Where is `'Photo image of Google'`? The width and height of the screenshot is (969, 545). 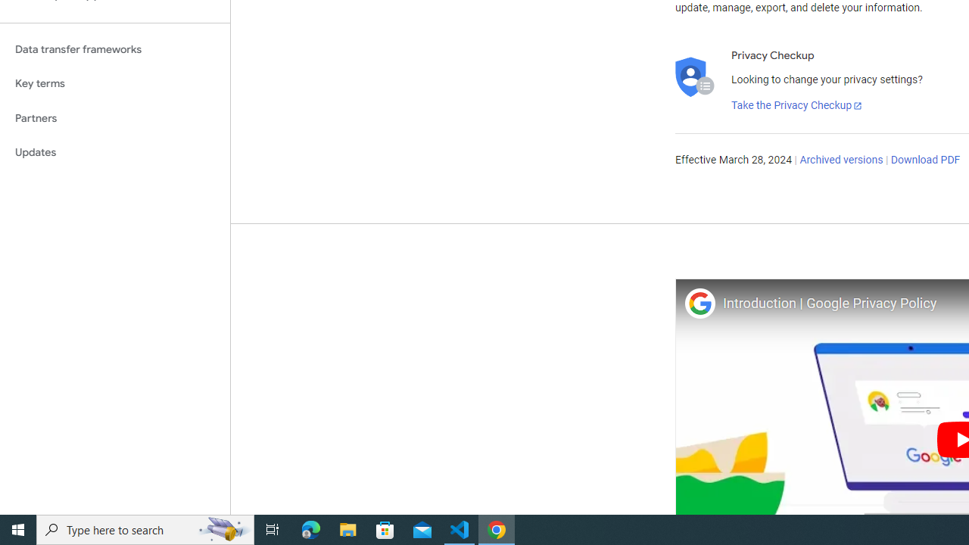 'Photo image of Google' is located at coordinates (699, 303).